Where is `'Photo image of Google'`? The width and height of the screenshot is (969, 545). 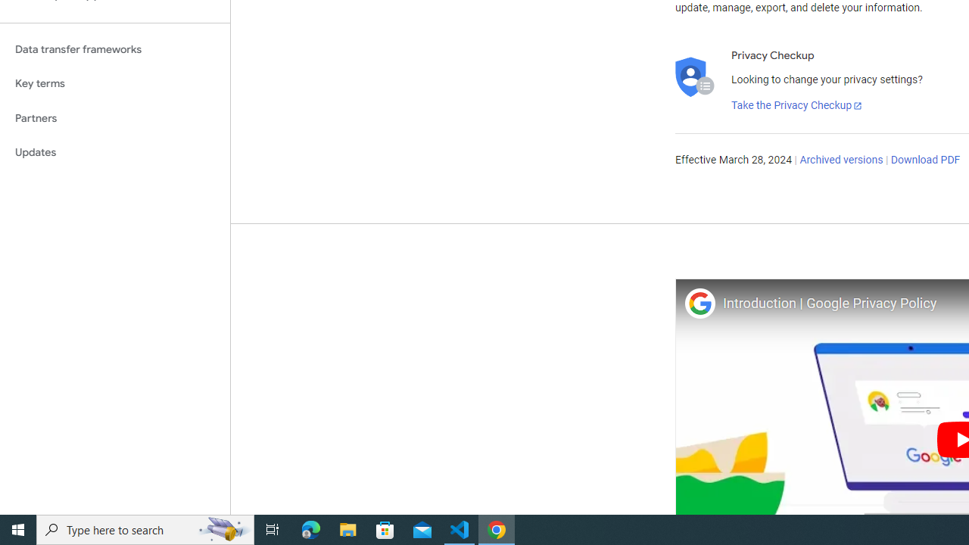 'Photo image of Google' is located at coordinates (699, 303).